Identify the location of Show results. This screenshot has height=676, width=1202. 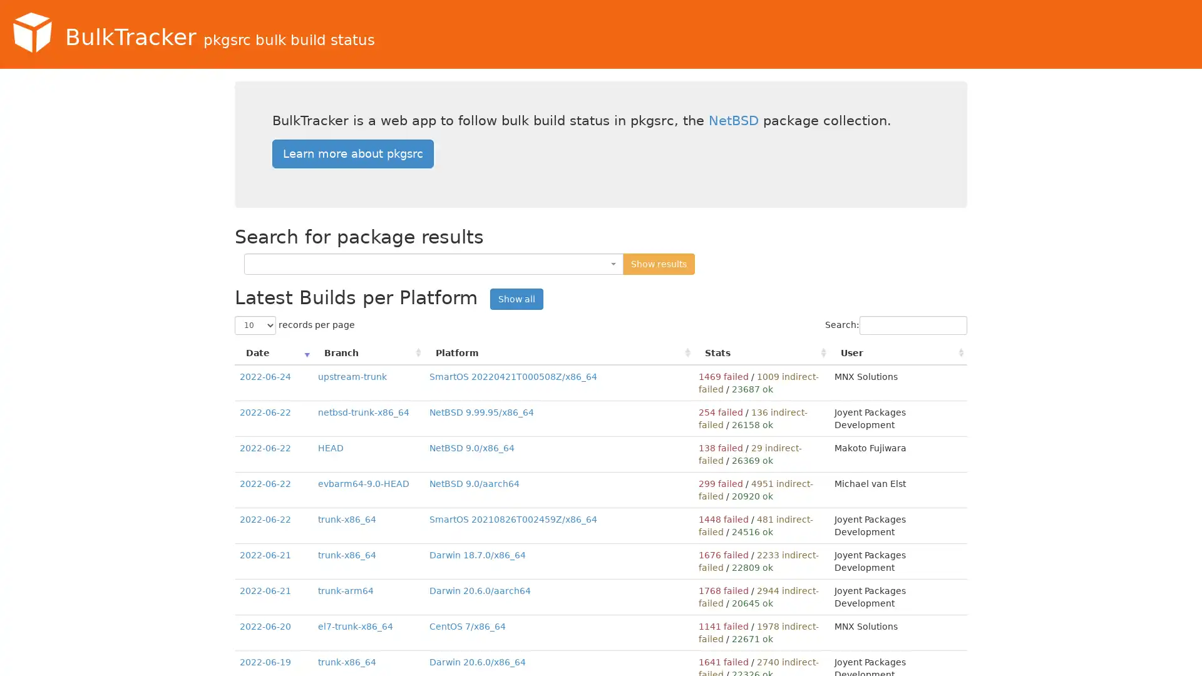
(658, 262).